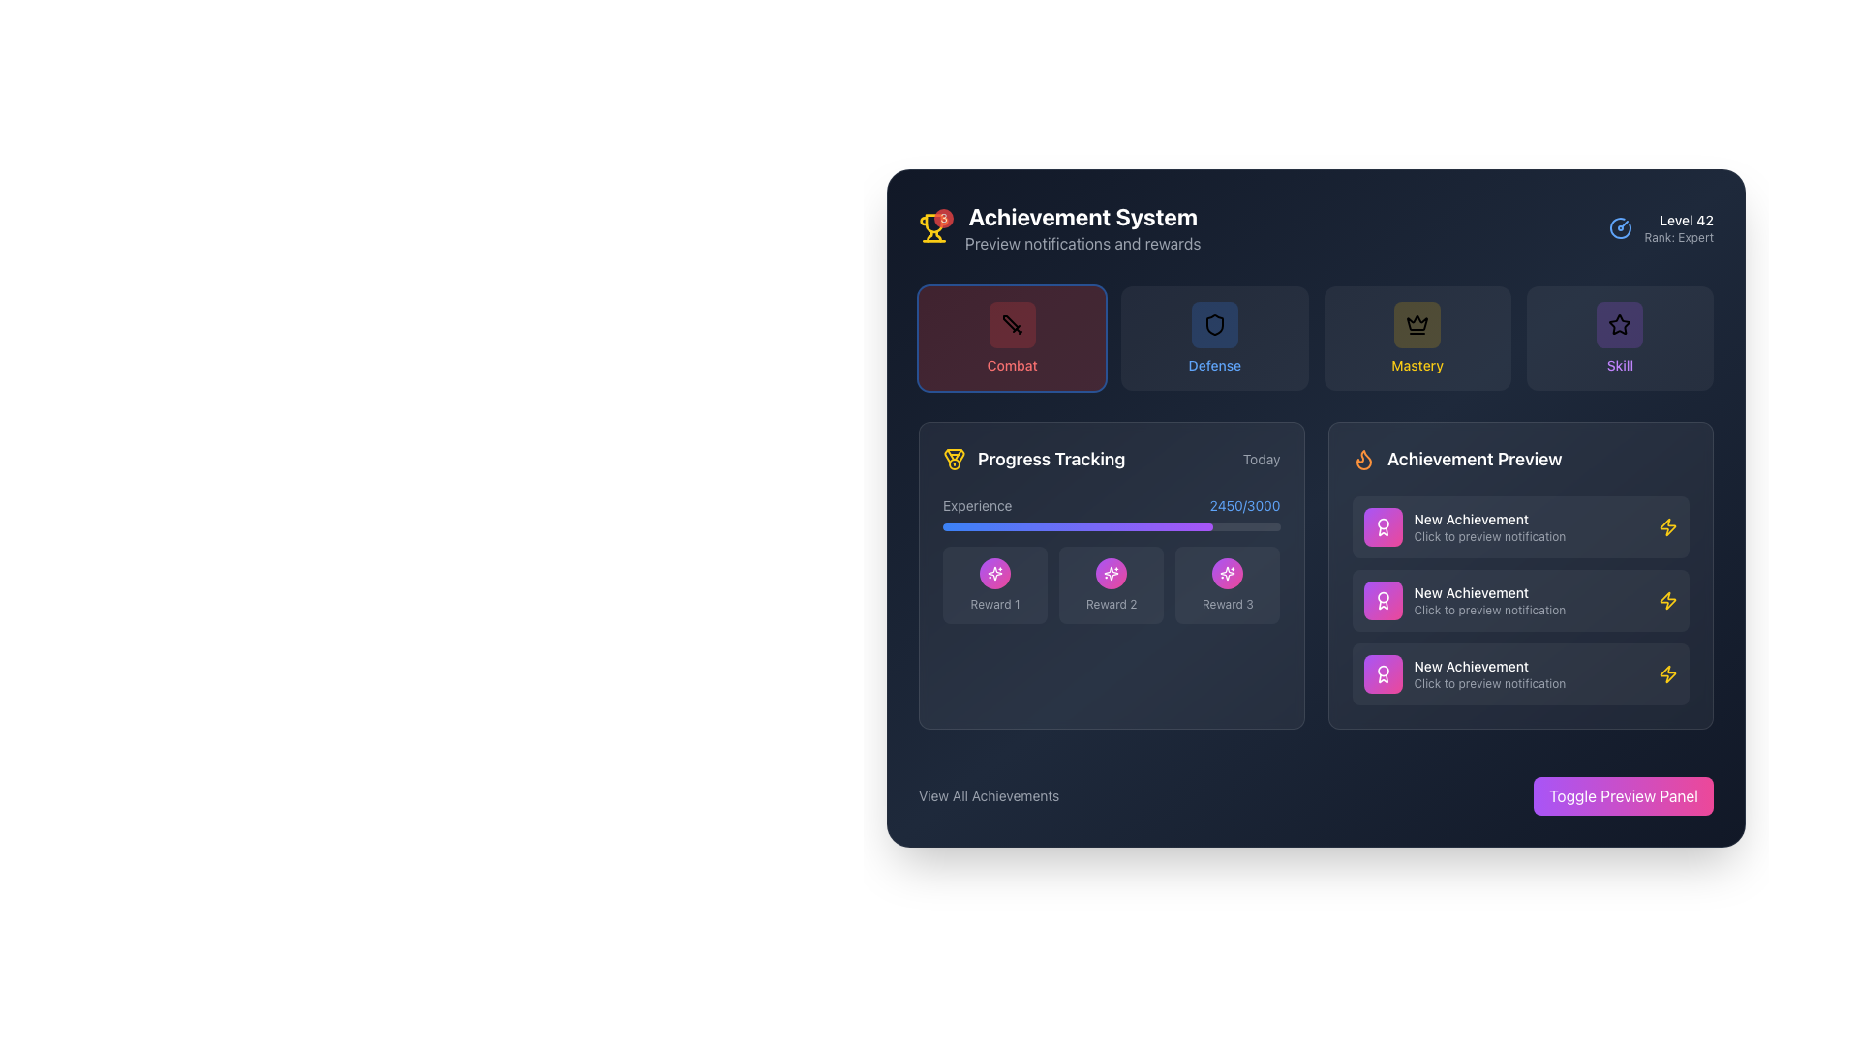  What do you see at coordinates (1382, 600) in the screenshot?
I see `the achievement notification icon, which is the leftmost item in the second vertical column of the 'Achievement Preview' section in the right panel` at bounding box center [1382, 600].